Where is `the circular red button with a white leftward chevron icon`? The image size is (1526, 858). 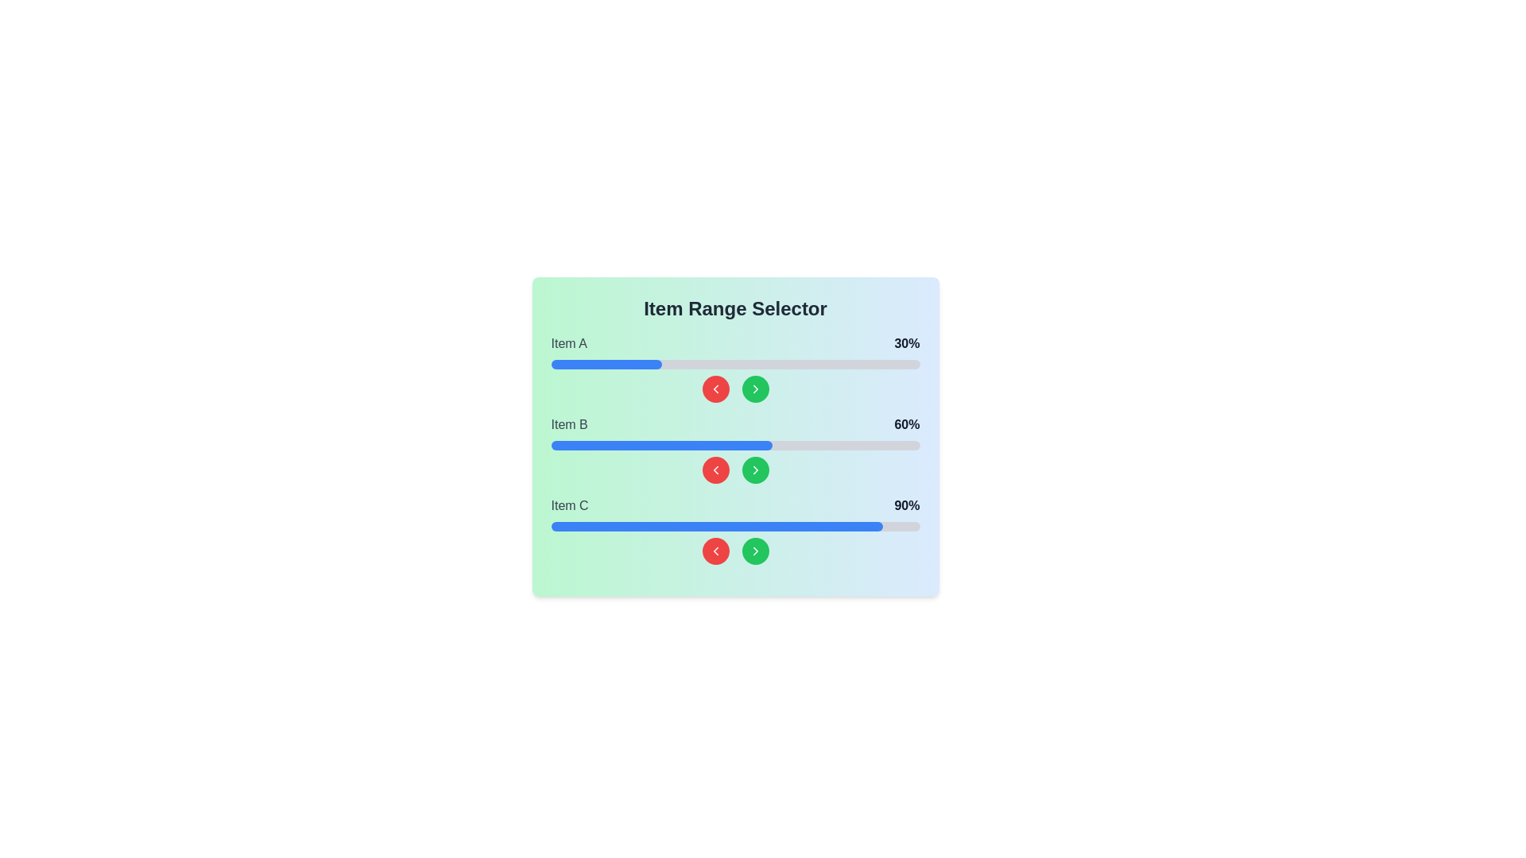 the circular red button with a white leftward chevron icon is located at coordinates (715, 388).